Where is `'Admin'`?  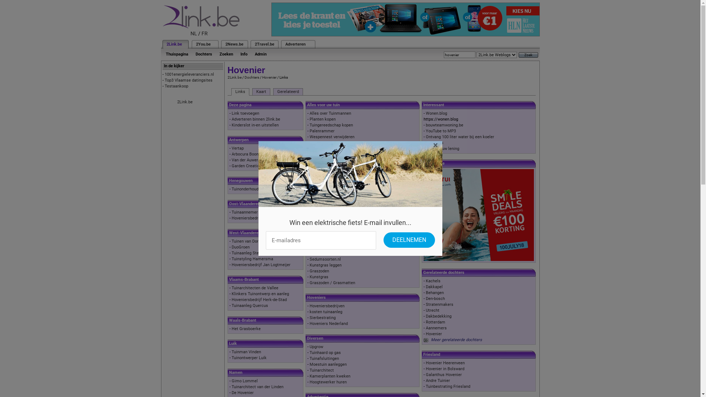 'Admin' is located at coordinates (260, 54).